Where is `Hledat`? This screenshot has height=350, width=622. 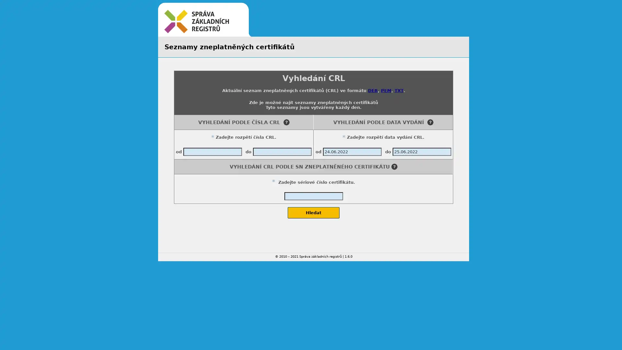
Hledat is located at coordinates (314, 213).